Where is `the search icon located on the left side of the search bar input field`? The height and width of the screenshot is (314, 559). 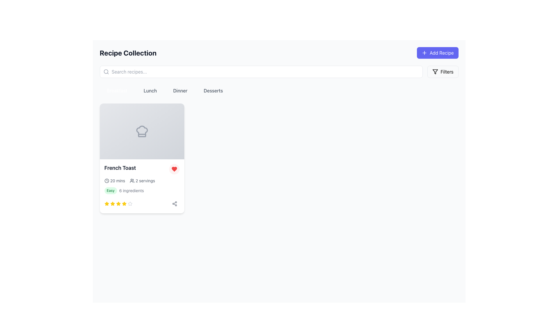
the search icon located on the left side of the search bar input field is located at coordinates (106, 71).